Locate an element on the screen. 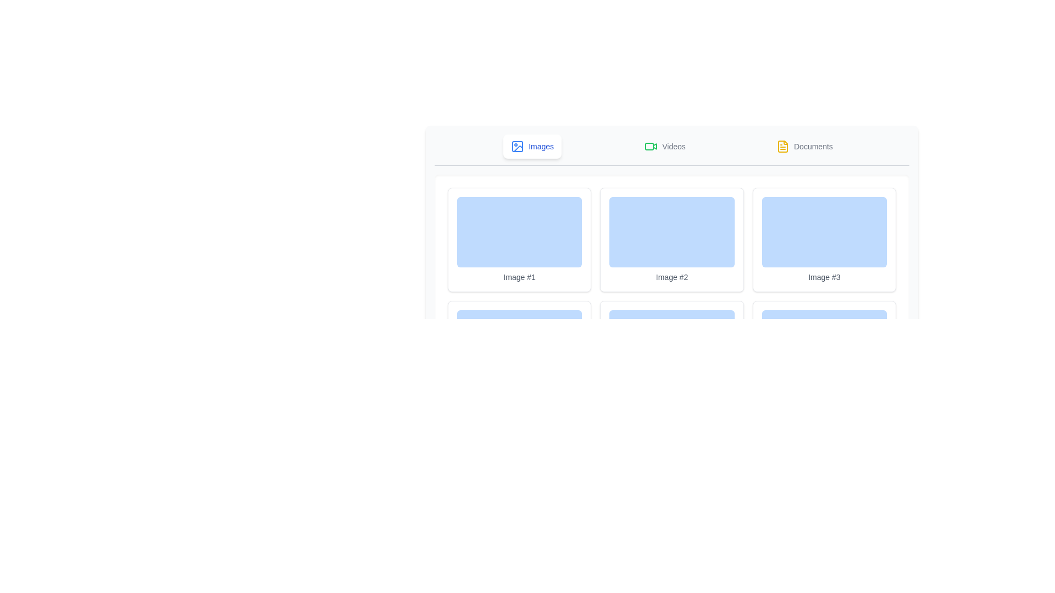  the 'Documents' icon located to the left of the 'Documents' text is located at coordinates (782, 146).